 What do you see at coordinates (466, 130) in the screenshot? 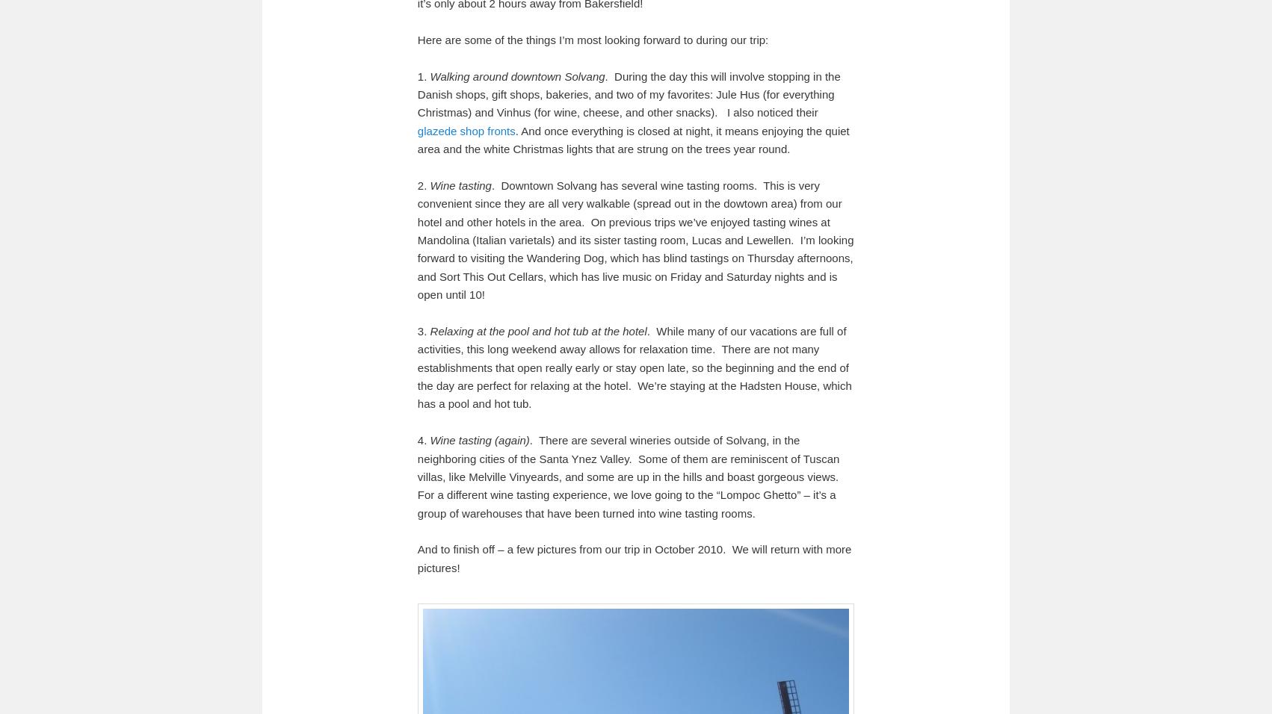
I see `'glazede shop fronts'` at bounding box center [466, 130].